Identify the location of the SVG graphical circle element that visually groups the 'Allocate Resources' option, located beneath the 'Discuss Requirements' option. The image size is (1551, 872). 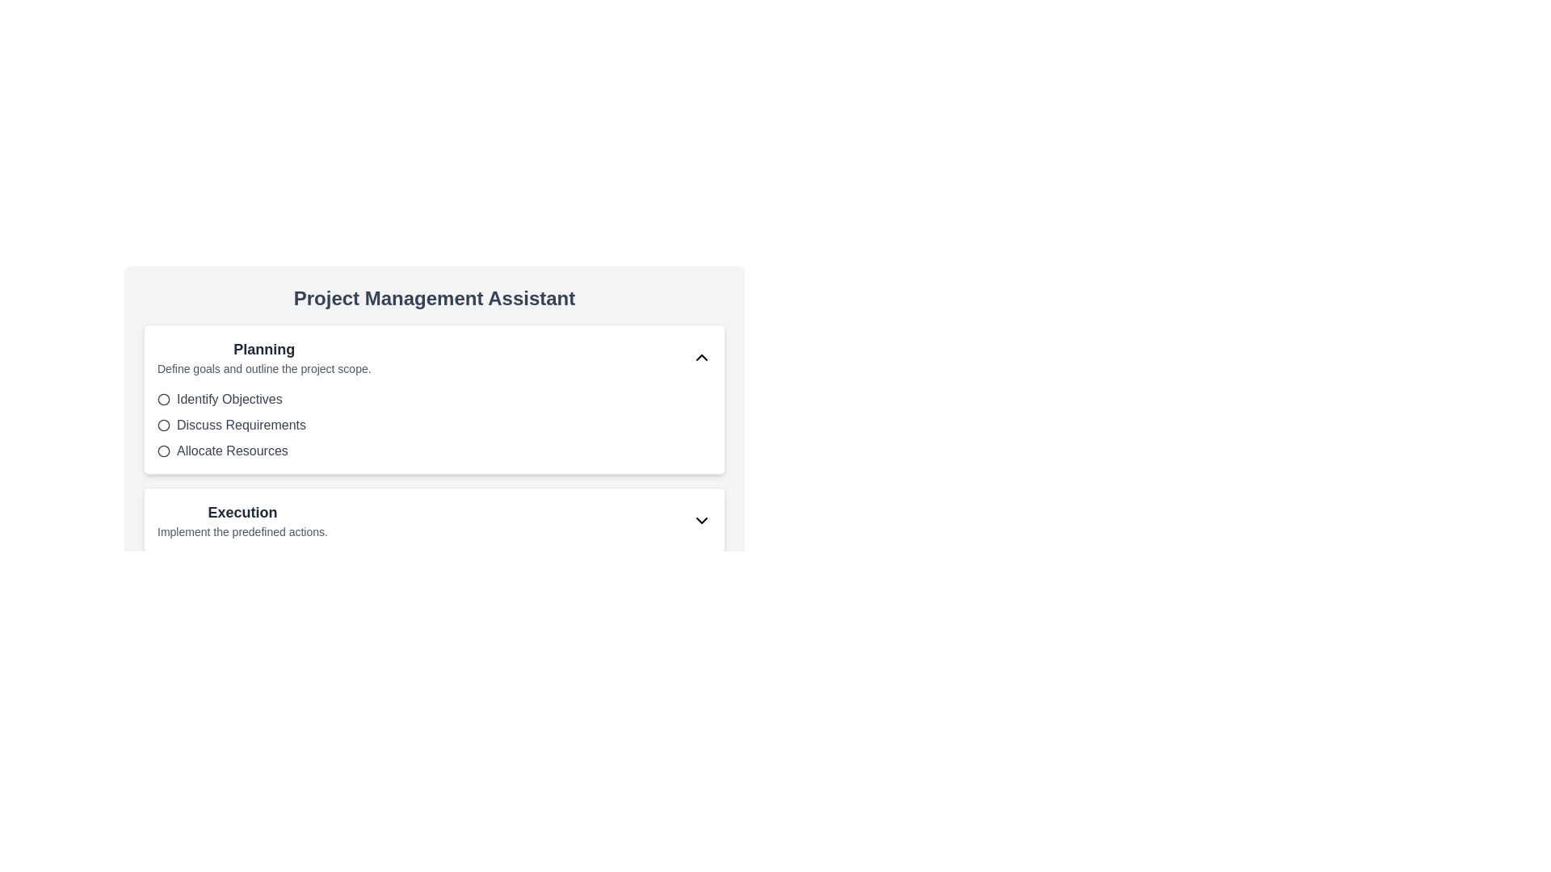
(163, 451).